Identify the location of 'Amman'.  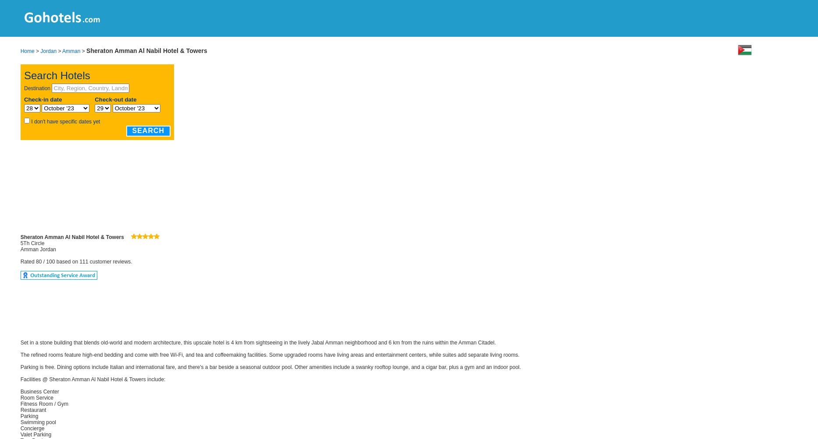
(71, 50).